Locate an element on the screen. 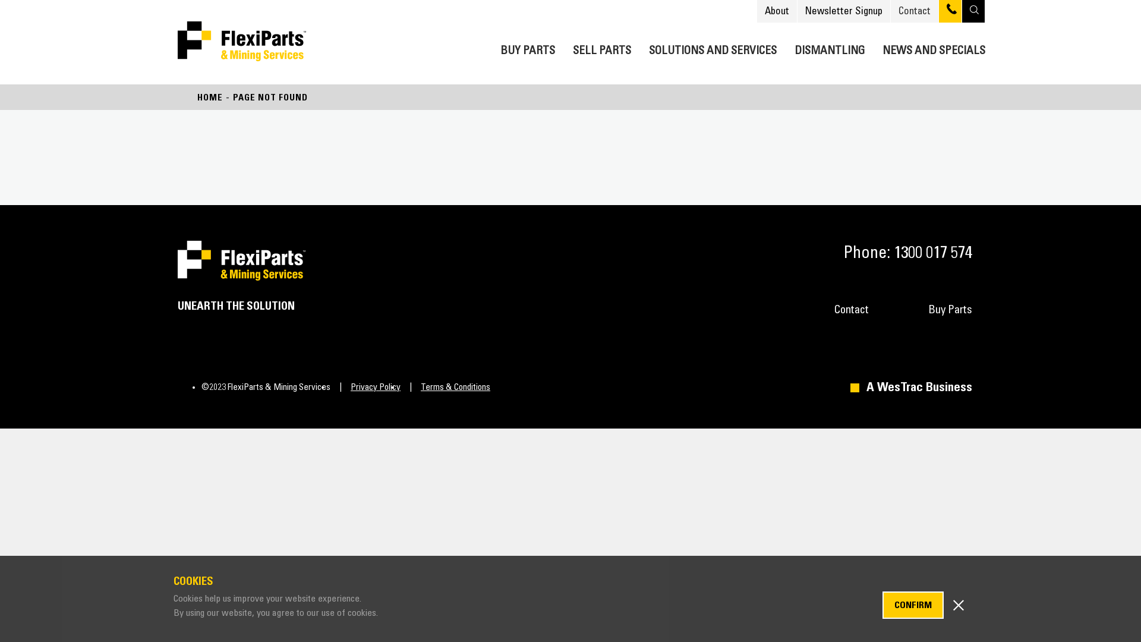  'NEWS AND SPECIALS' is located at coordinates (933, 48).